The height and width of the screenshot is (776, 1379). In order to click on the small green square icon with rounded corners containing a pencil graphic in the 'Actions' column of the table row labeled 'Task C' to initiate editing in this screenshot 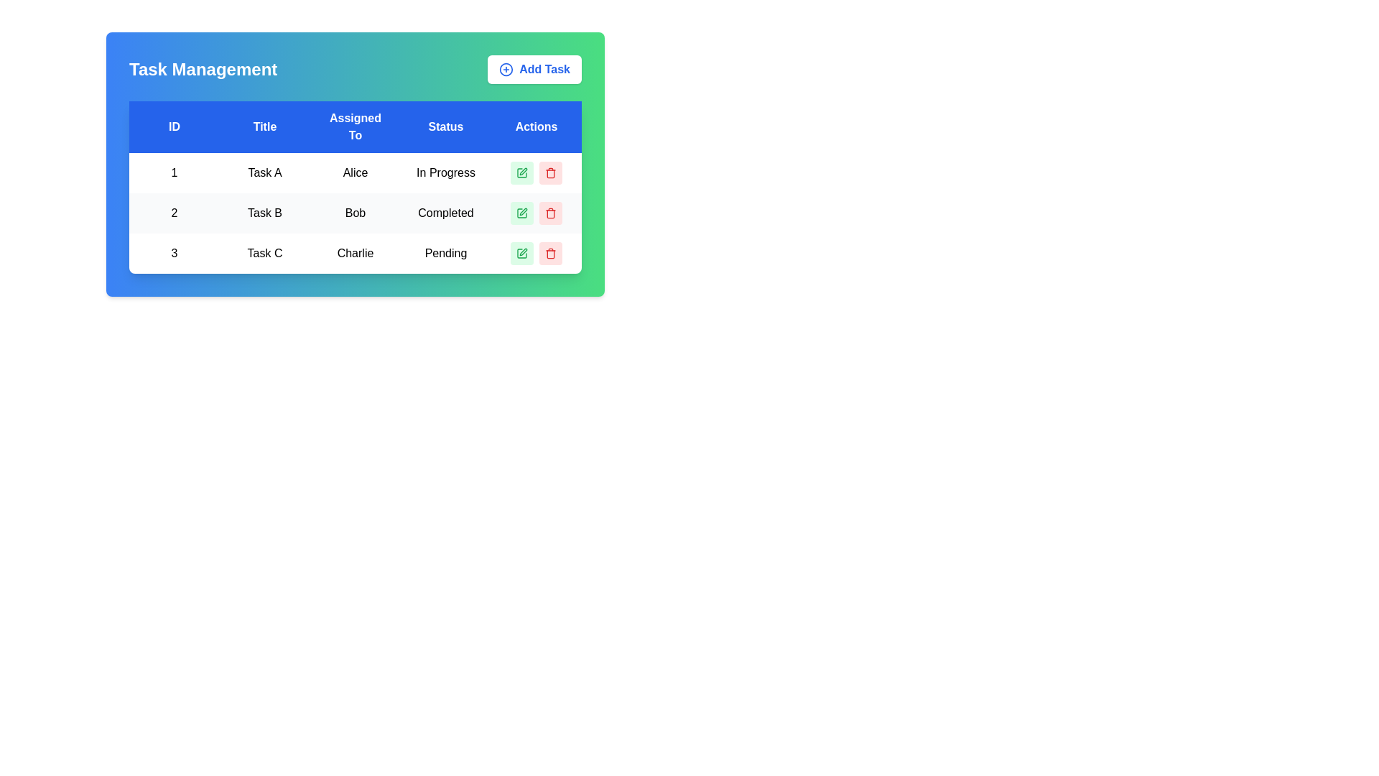, I will do `click(521, 253)`.